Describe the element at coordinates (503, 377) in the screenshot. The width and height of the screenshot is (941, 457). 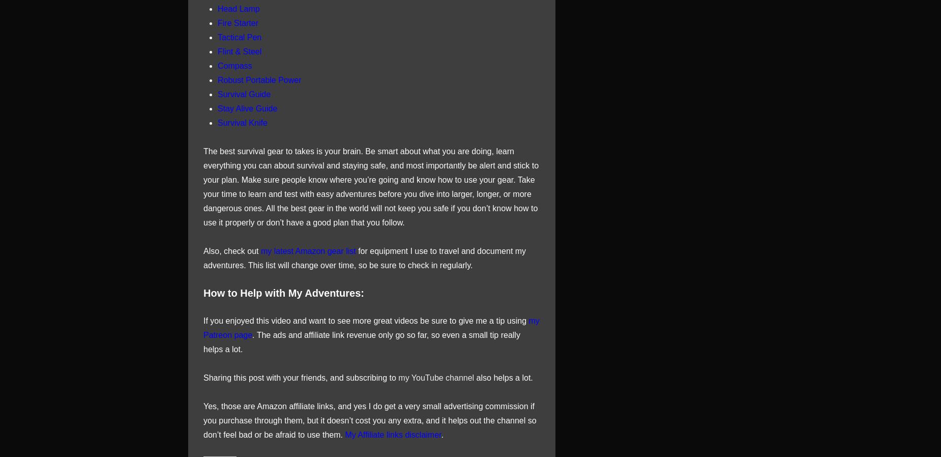
I see `'also helps a lot.'` at that location.